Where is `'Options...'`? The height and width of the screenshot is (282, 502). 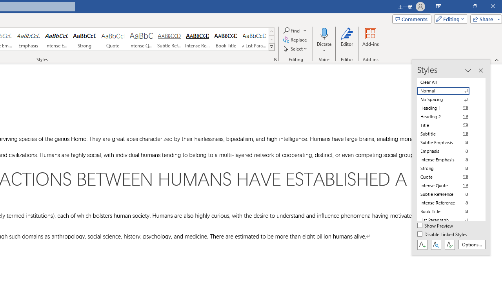 'Options...' is located at coordinates (471, 244).